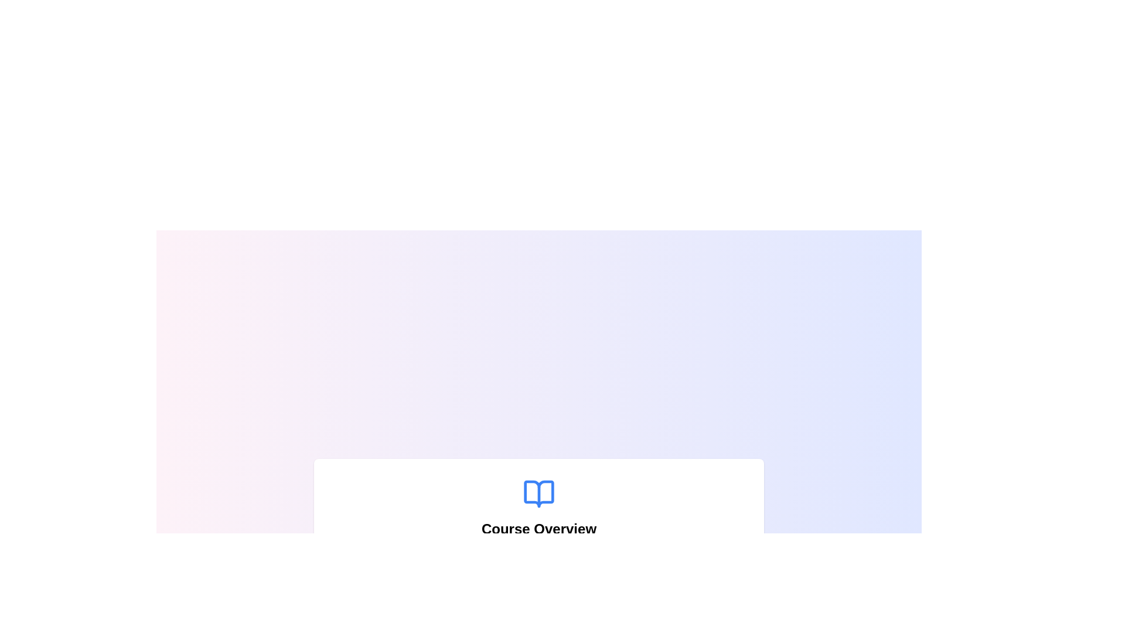  What do you see at coordinates (538, 494) in the screenshot?
I see `the prominent icon located directly above the 'Course Overview' text, which serves as a visual representation of course or book-related content` at bounding box center [538, 494].